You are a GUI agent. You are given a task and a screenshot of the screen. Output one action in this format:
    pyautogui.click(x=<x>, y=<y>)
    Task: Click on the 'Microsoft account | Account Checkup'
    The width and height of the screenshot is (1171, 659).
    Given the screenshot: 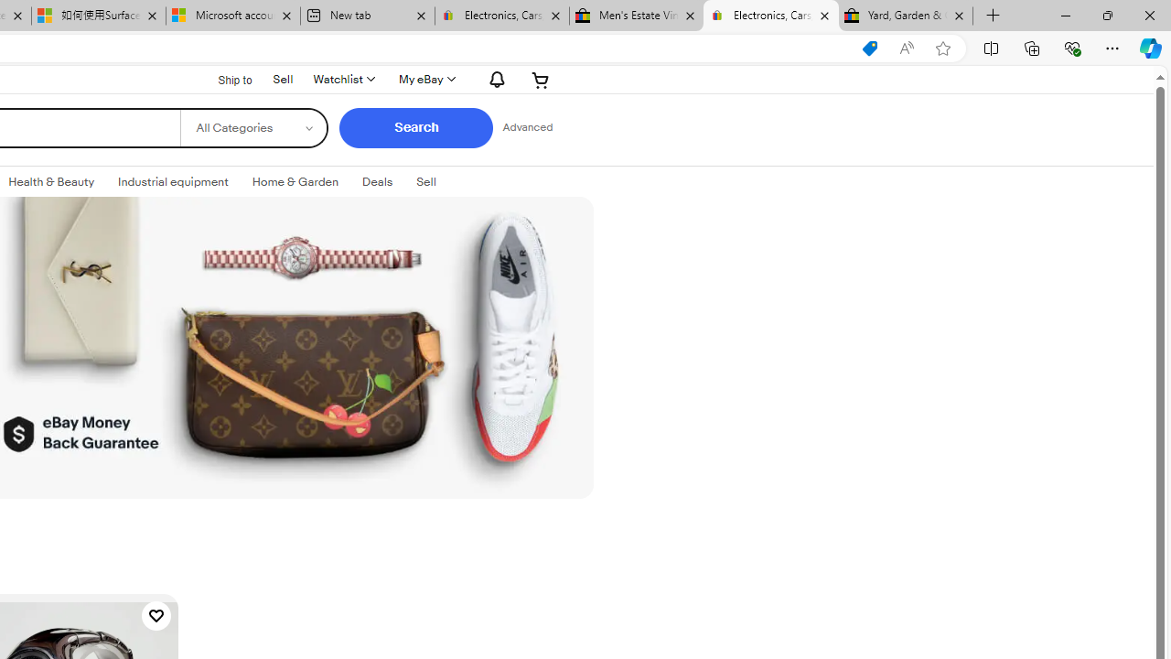 What is the action you would take?
    pyautogui.click(x=231, y=16)
    